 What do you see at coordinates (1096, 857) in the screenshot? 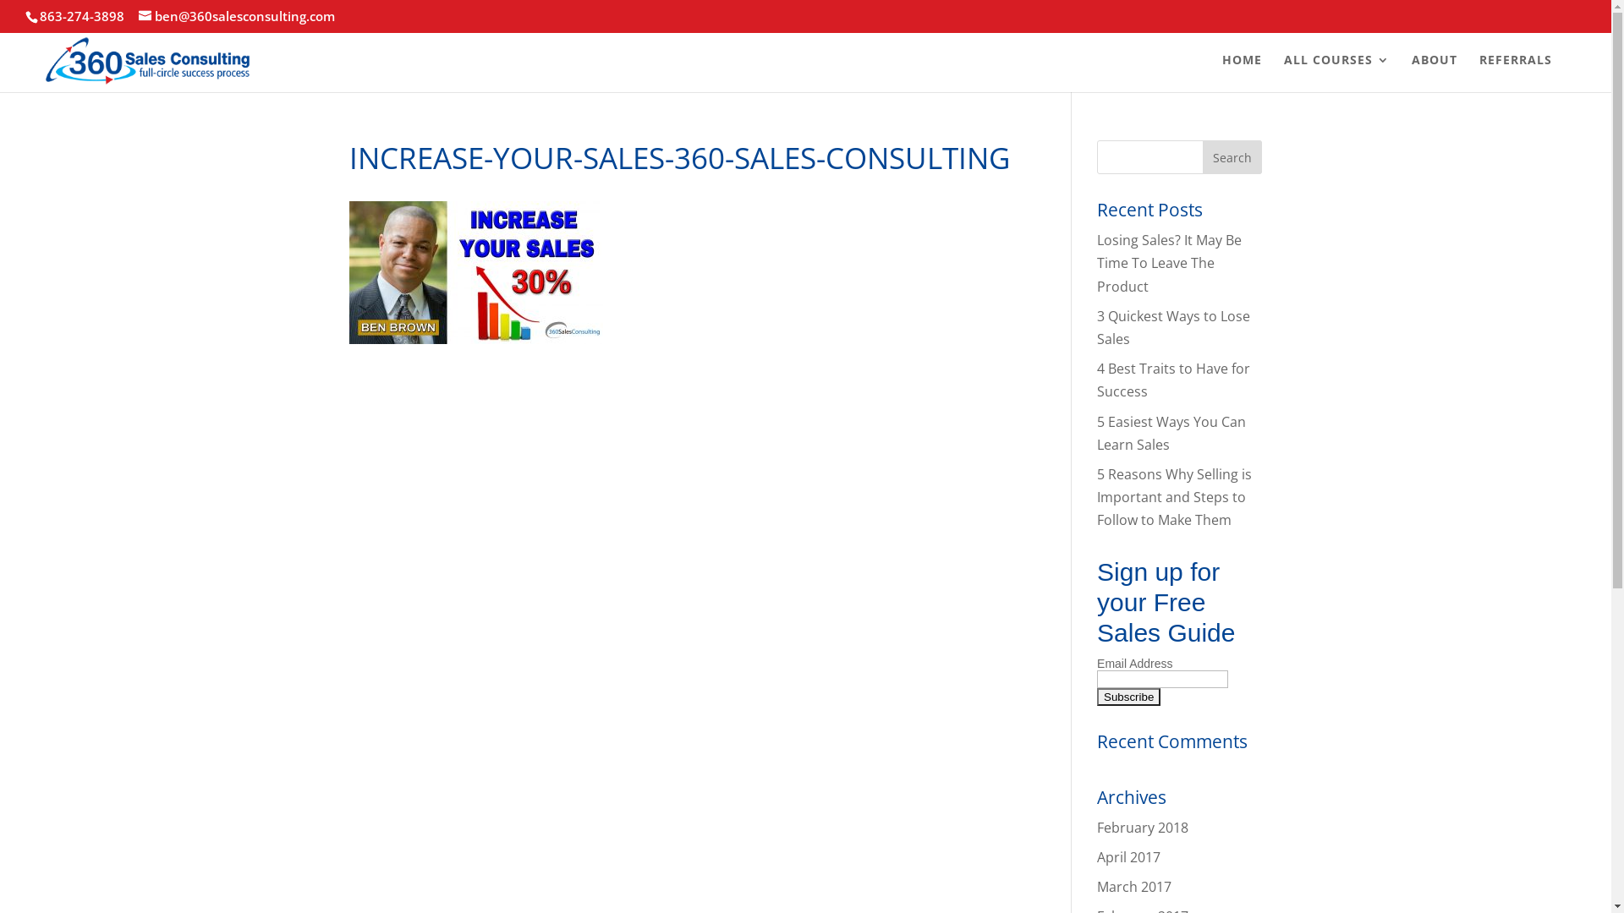
I see `'April 2017'` at bounding box center [1096, 857].